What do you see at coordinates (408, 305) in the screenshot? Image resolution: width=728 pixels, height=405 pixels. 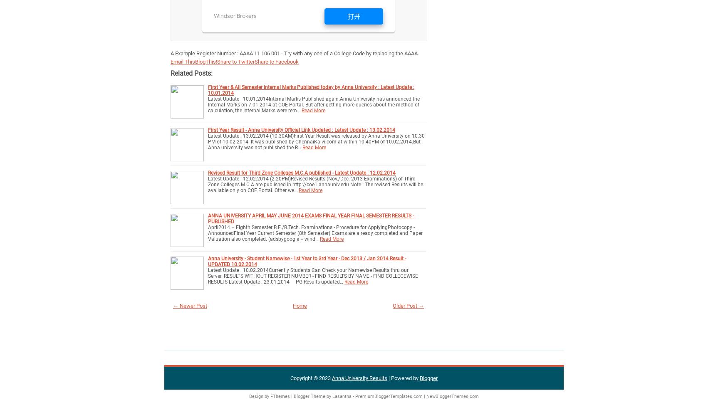 I see `'Older Post →'` at bounding box center [408, 305].